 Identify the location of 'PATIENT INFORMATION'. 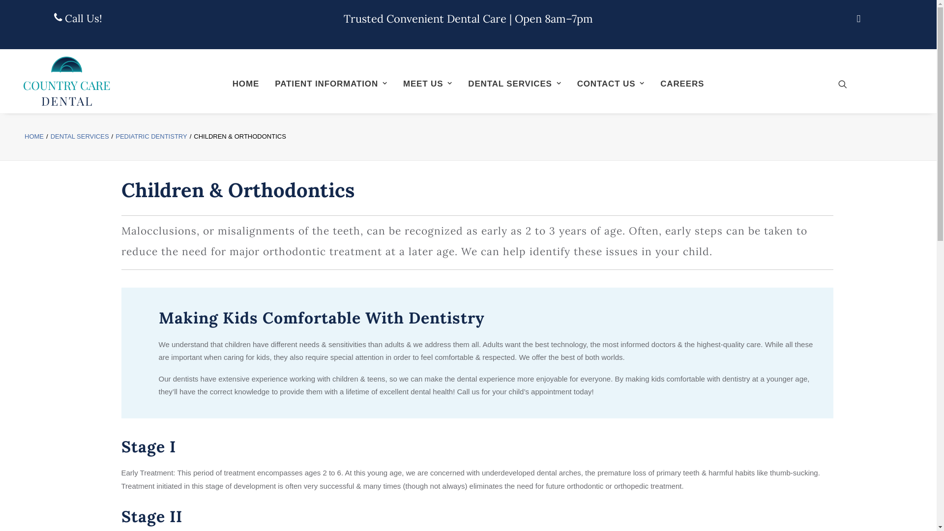
(330, 83).